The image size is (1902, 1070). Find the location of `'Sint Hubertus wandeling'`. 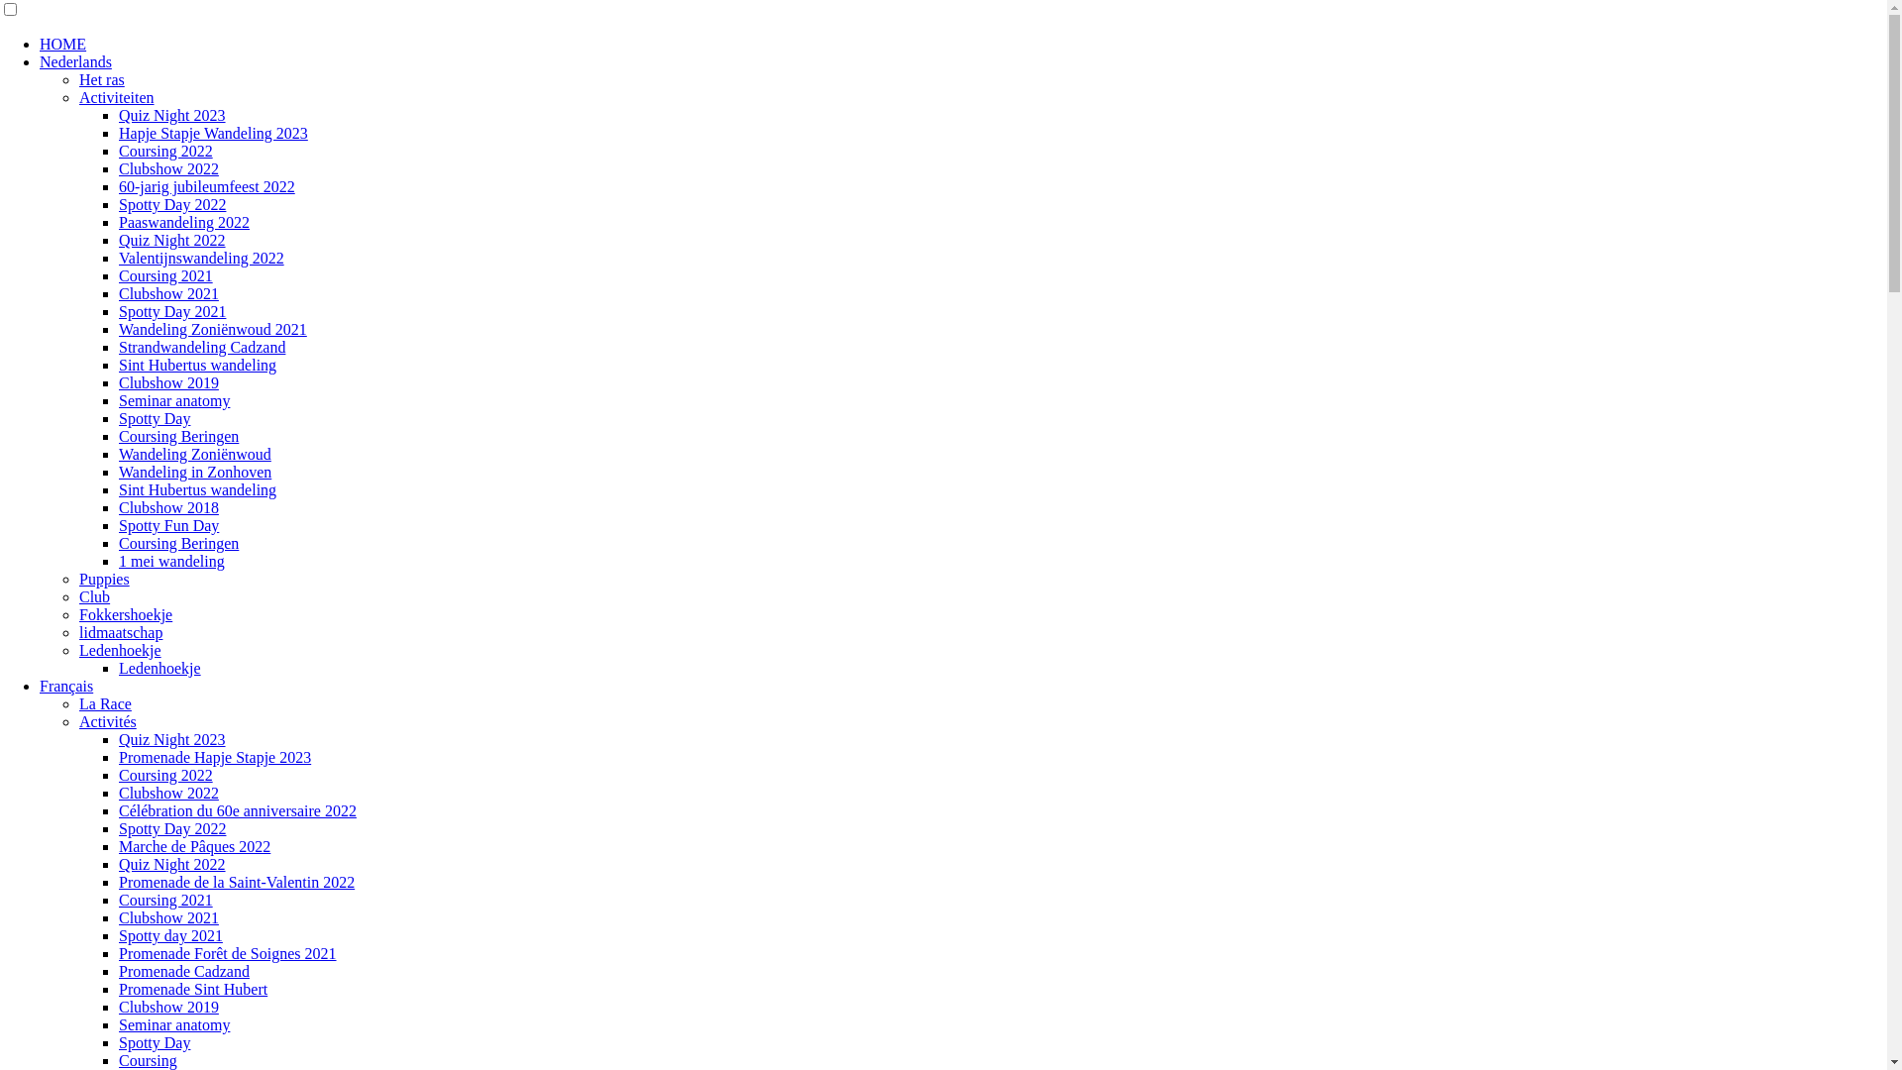

'Sint Hubertus wandeling' is located at coordinates (197, 489).